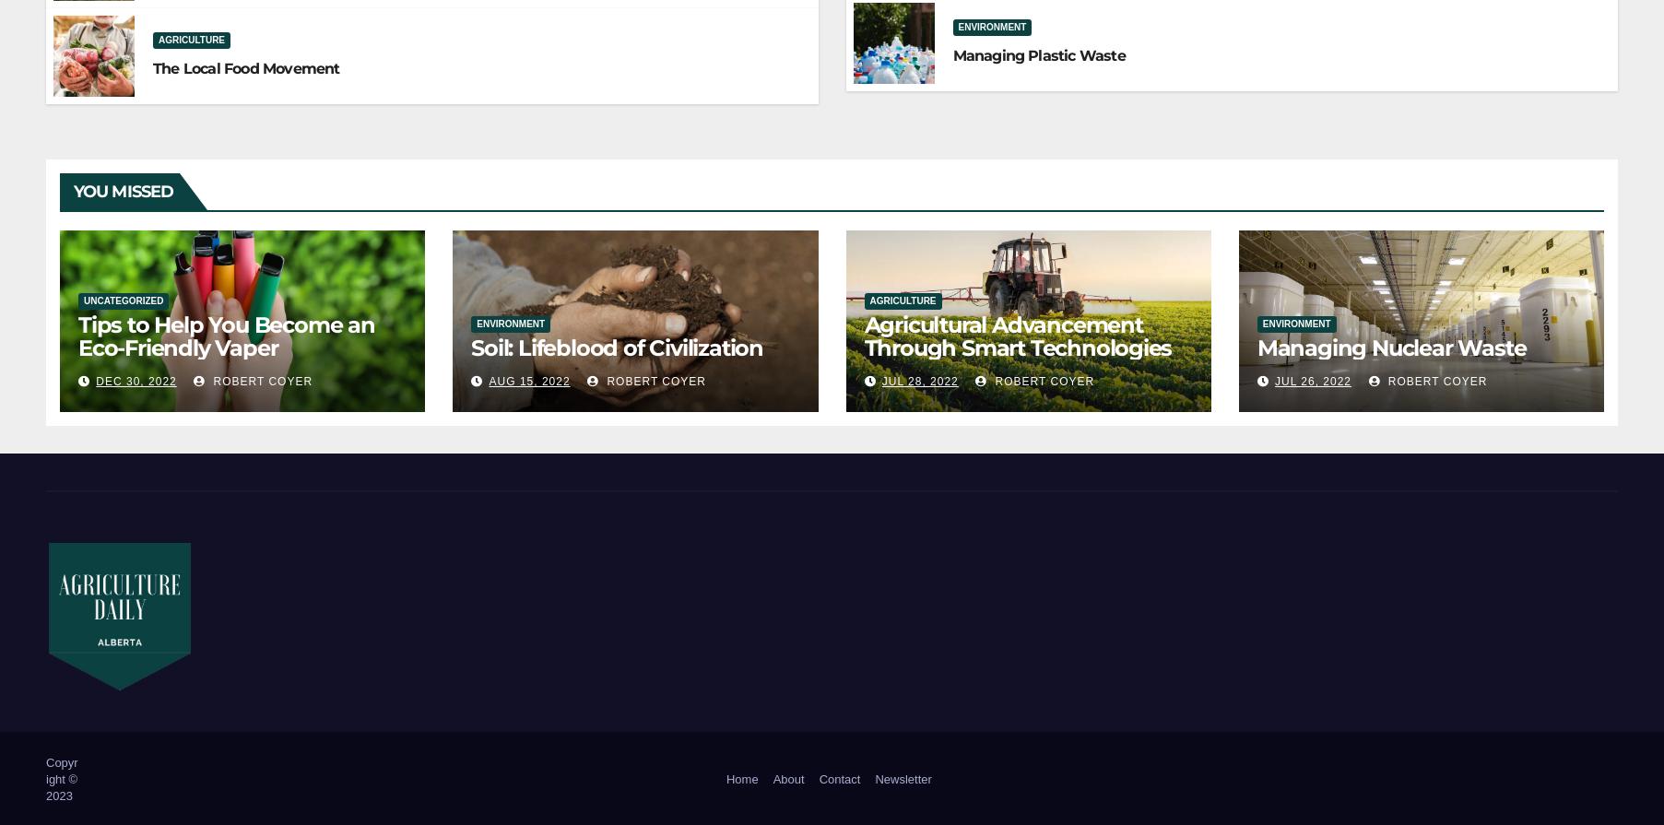 Image resolution: width=1664 pixels, height=825 pixels. I want to click on 'Agricultural Advancement Through Smart Technologies', so click(1017, 336).